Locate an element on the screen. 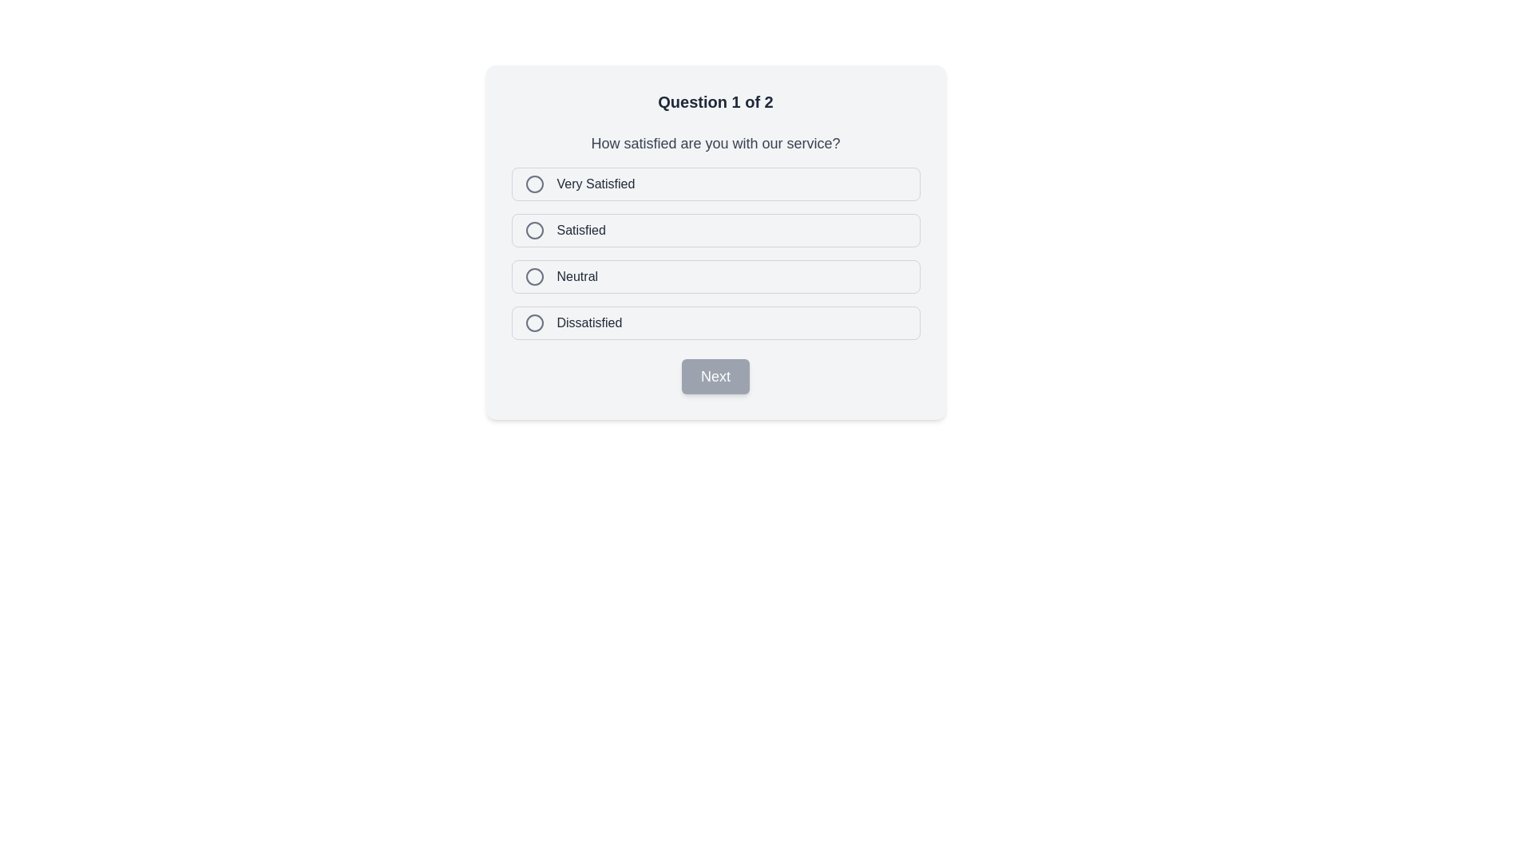 The image size is (1533, 862). the unselected radio button located to the left of the 'Satisfied' label in the second row of the questionnaire interface is located at coordinates (534, 231).